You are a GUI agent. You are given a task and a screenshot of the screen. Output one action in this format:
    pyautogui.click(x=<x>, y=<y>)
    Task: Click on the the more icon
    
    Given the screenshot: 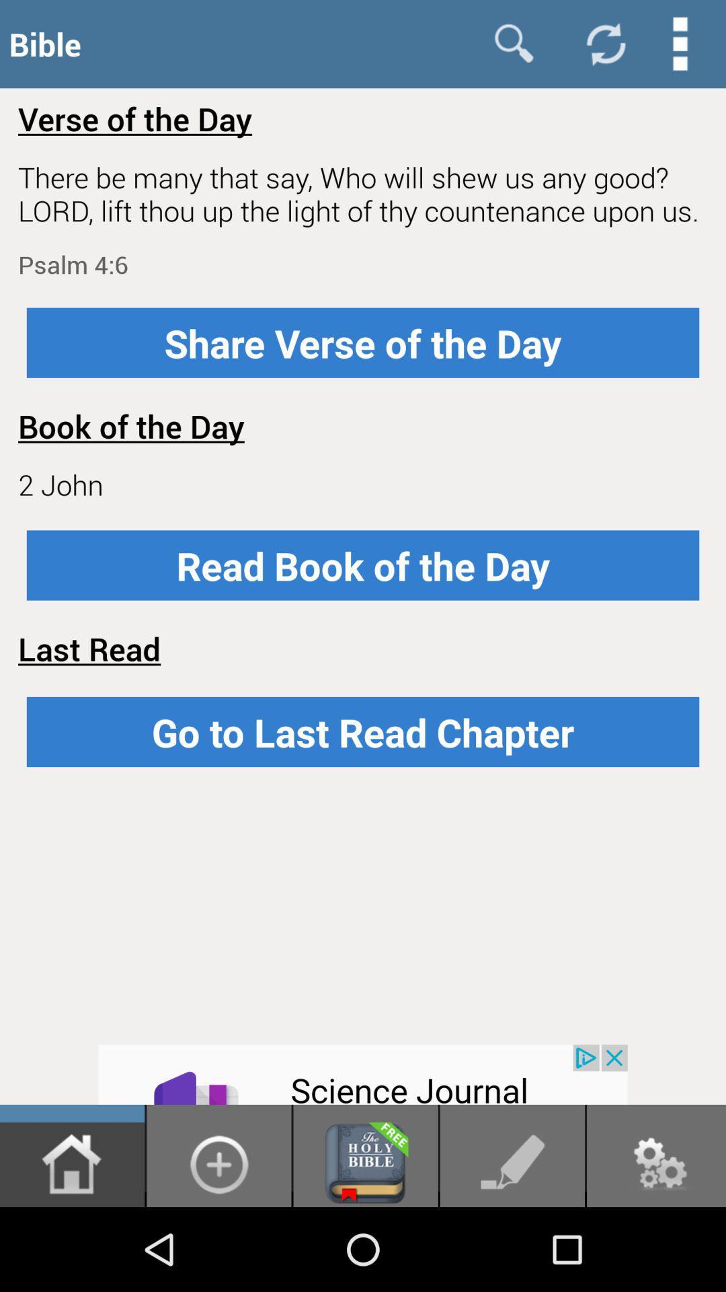 What is the action you would take?
    pyautogui.click(x=680, y=46)
    